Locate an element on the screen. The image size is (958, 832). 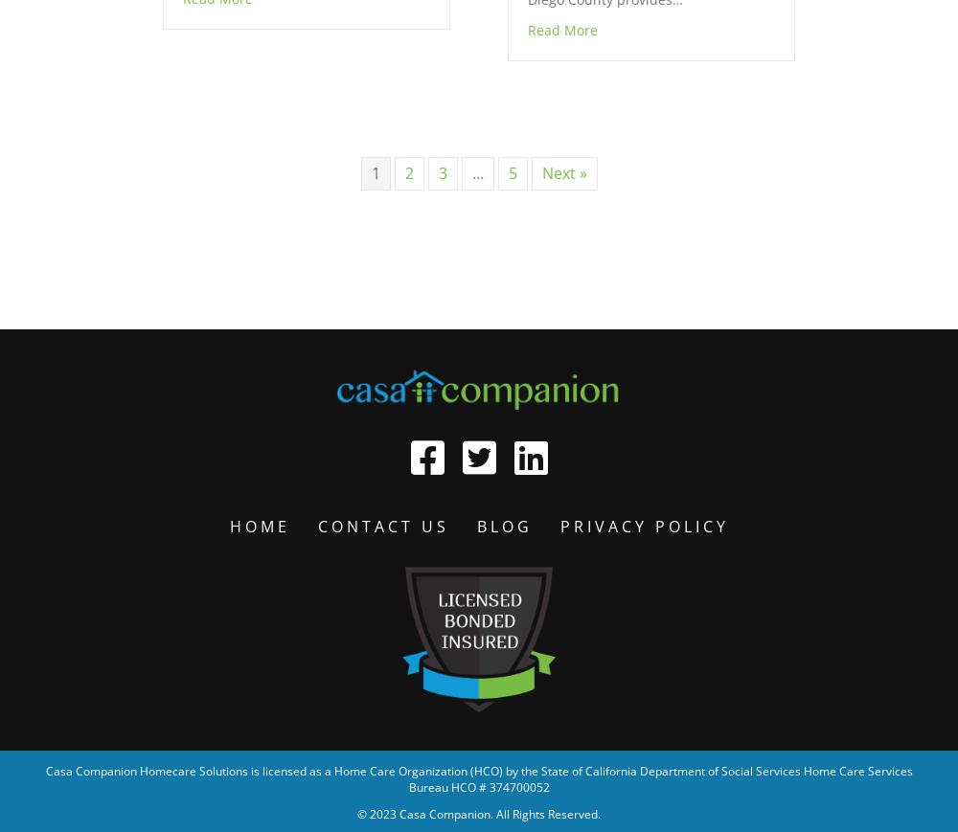
'Blog' is located at coordinates (504, 526).